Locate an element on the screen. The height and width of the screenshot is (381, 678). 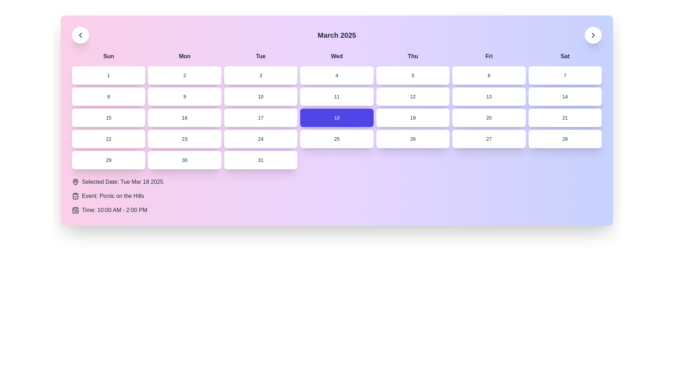
the chevron-left icon, which is a small vector-based icon enclosed in a circular button with a white background, located at the top-left corner of the calendar interface is located at coordinates (80, 35).